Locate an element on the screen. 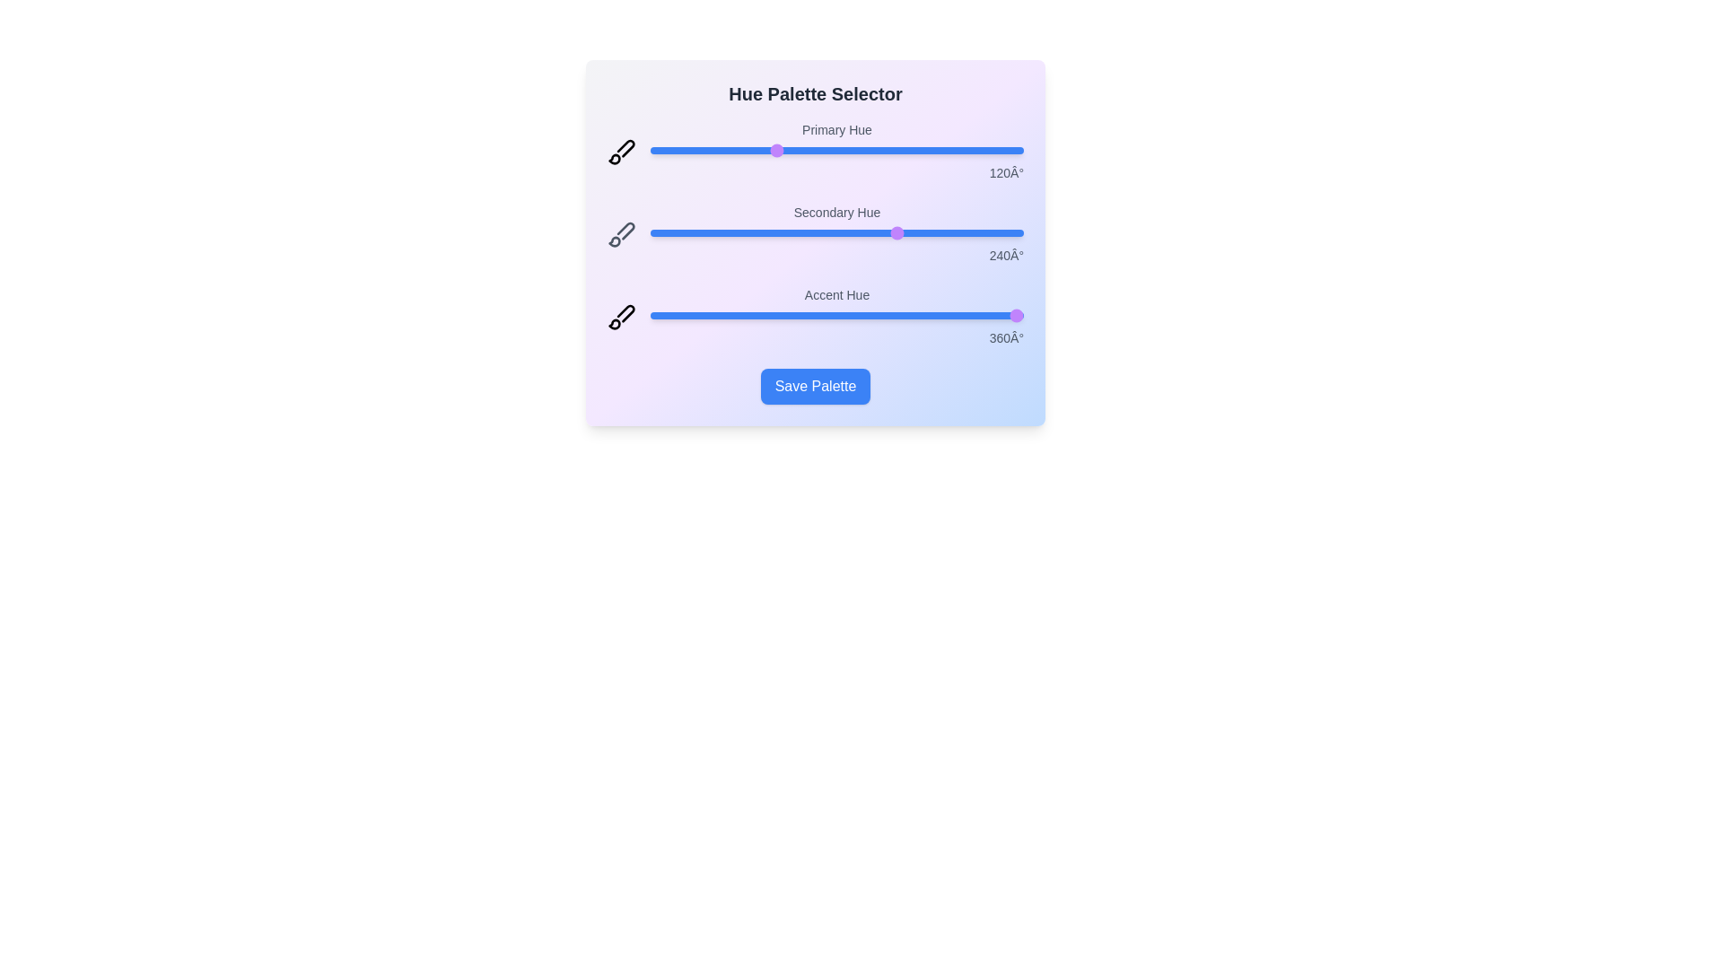 This screenshot has height=969, width=1723. the 'Primary Hue' slider to 113 degrees is located at coordinates (767, 150).